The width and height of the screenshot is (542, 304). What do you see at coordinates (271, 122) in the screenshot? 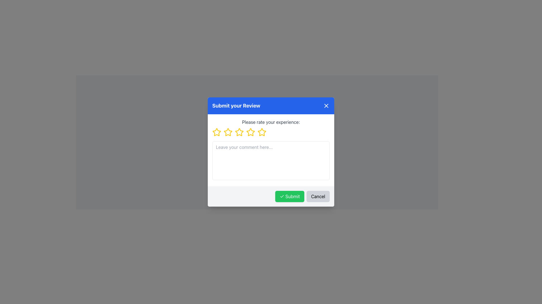
I see `the instructional label that guides the user to perform a rating action, located directly above the star rating icons and centered horizontally in the upper section of the interface` at bounding box center [271, 122].